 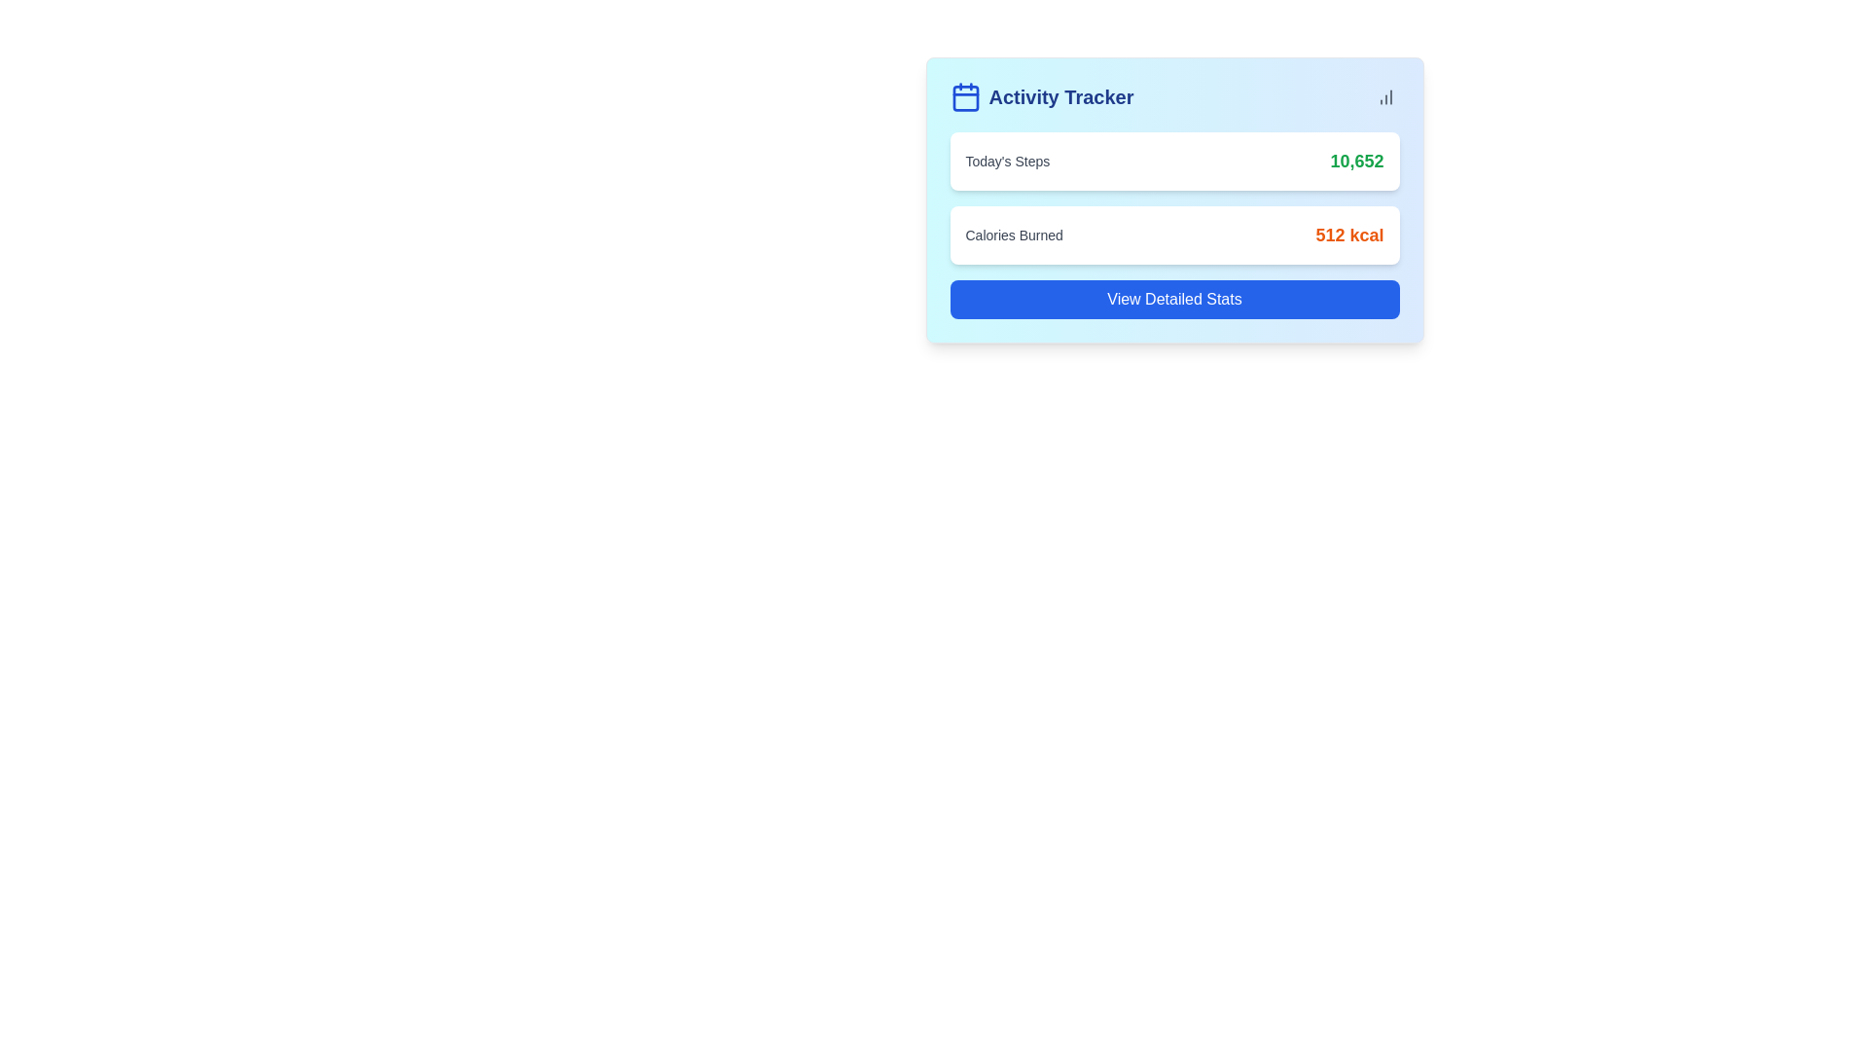 I want to click on the displayed data on the Informative card titled 'Today's Steps', which shows the value '10,652' in green on the right side of the card, so click(x=1173, y=160).